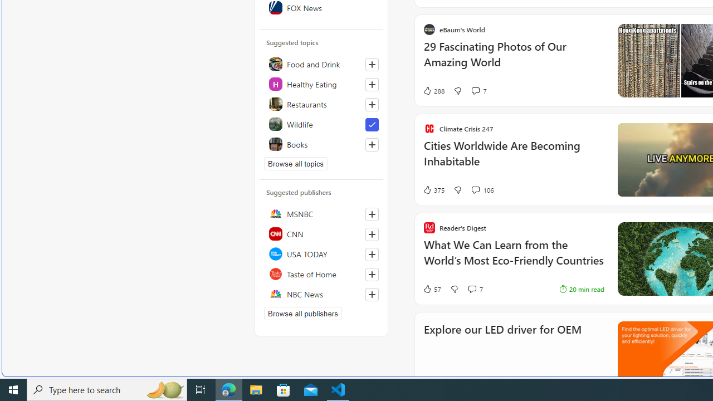 This screenshot has height=401, width=713. Describe the element at coordinates (372, 294) in the screenshot. I see `'Follow this source'` at that location.